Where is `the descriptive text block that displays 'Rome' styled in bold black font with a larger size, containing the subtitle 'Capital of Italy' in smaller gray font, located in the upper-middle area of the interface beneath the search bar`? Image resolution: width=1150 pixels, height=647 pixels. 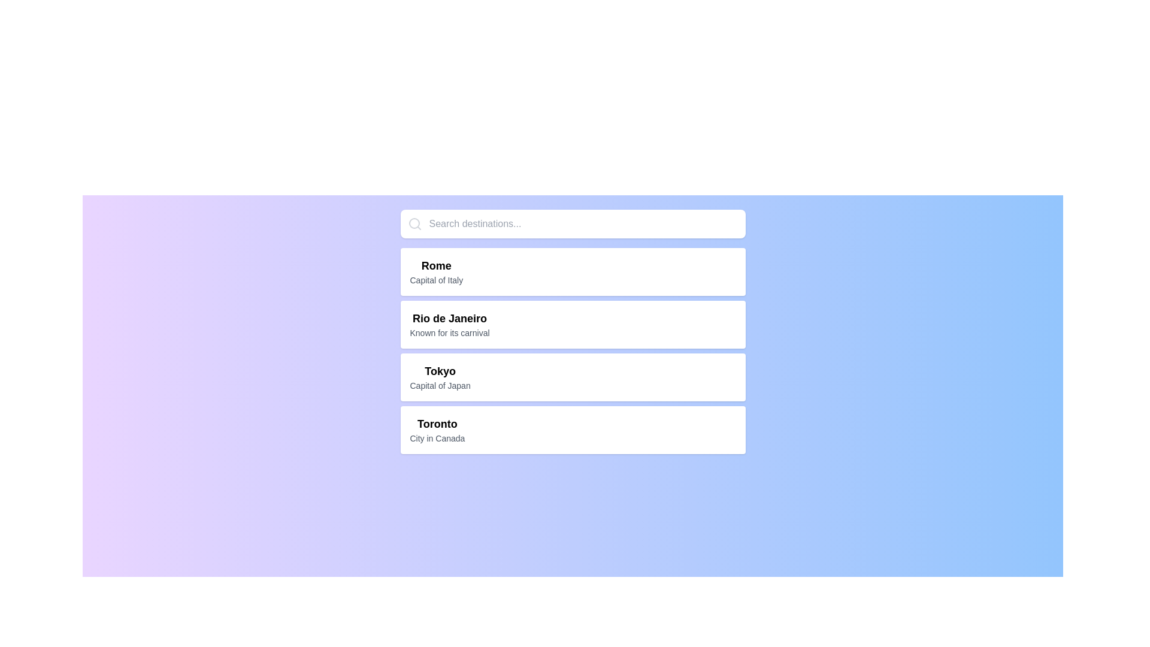 the descriptive text block that displays 'Rome' styled in bold black font with a larger size, containing the subtitle 'Capital of Italy' in smaller gray font, located in the upper-middle area of the interface beneath the search bar is located at coordinates (435, 272).